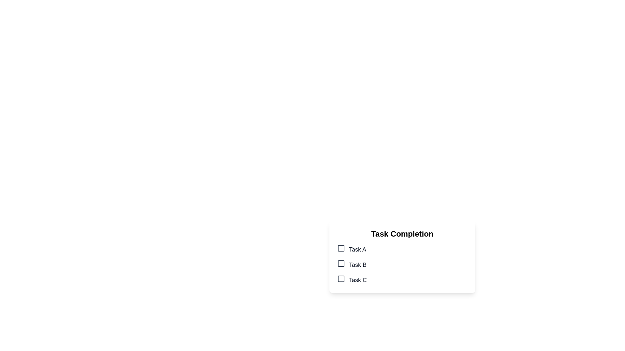 Image resolution: width=625 pixels, height=351 pixels. I want to click on the Text Header at the top of the task card, which serves as a descriptive header for the content below, so click(402, 234).